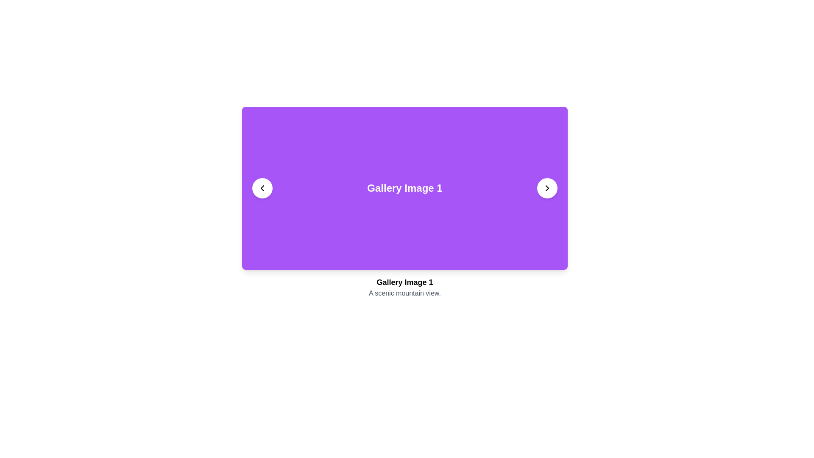 The width and height of the screenshot is (814, 458). Describe the element at coordinates (547, 187) in the screenshot. I see `the small right-pointing chevron icon located within a circular button on the right side of the purple panel labeled 'Gallery Image 1'` at that location.